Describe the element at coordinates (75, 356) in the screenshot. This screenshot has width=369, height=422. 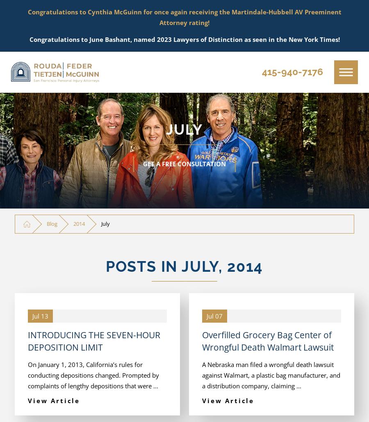
I see `'Pedestrian Accidents'` at that location.